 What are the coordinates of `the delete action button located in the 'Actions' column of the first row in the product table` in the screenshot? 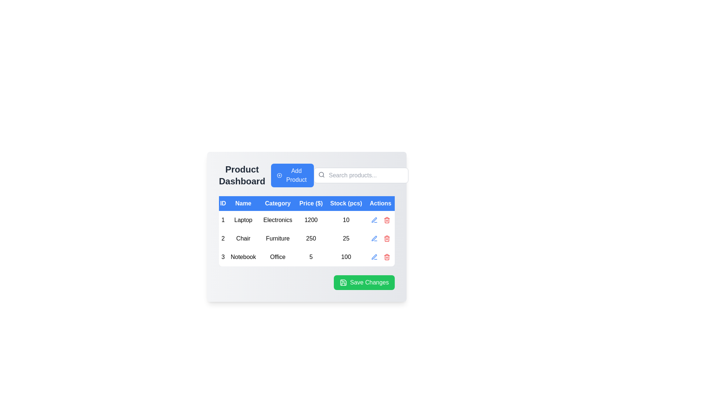 It's located at (386, 220).